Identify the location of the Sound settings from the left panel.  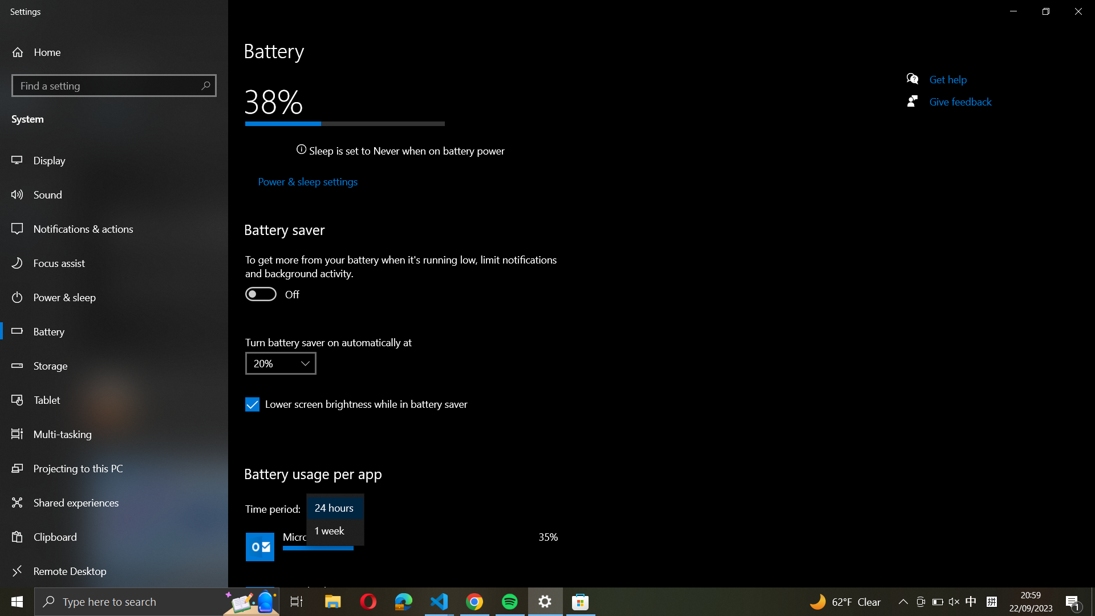
(115, 193).